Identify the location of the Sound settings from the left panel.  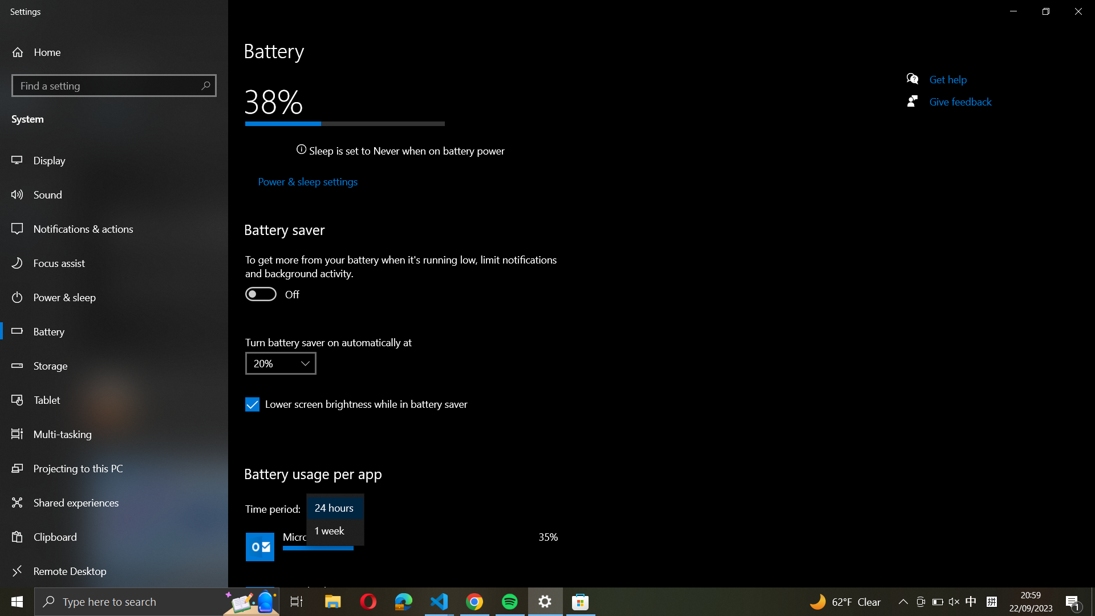
(115, 193).